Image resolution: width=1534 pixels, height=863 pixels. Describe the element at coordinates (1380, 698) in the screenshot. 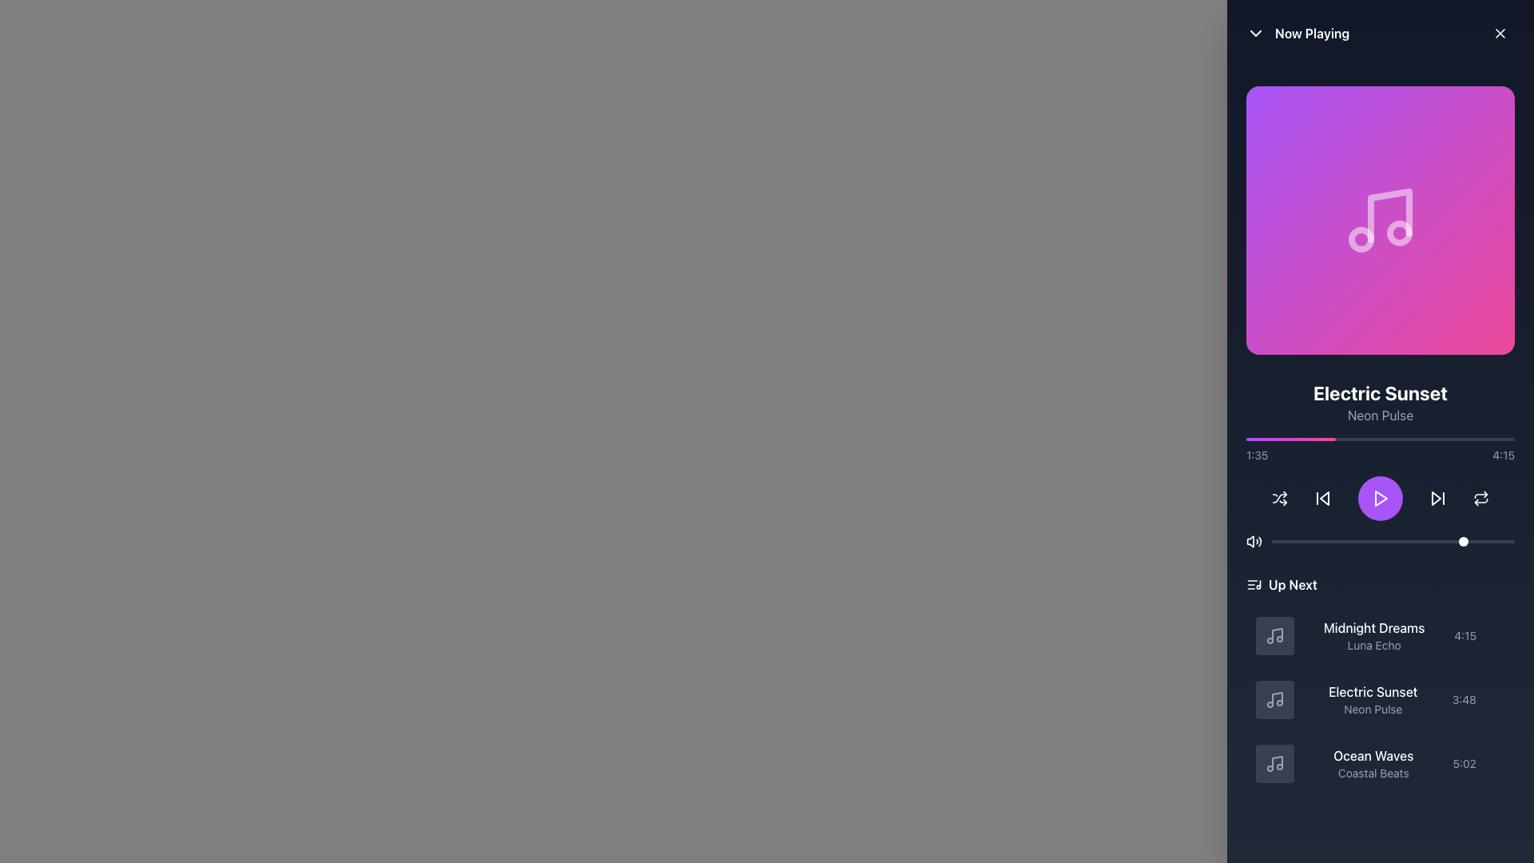

I see `the second item in the vertical list of tracks under the 'Up Next' section, which displays the title, artist, and duration of a track` at that location.